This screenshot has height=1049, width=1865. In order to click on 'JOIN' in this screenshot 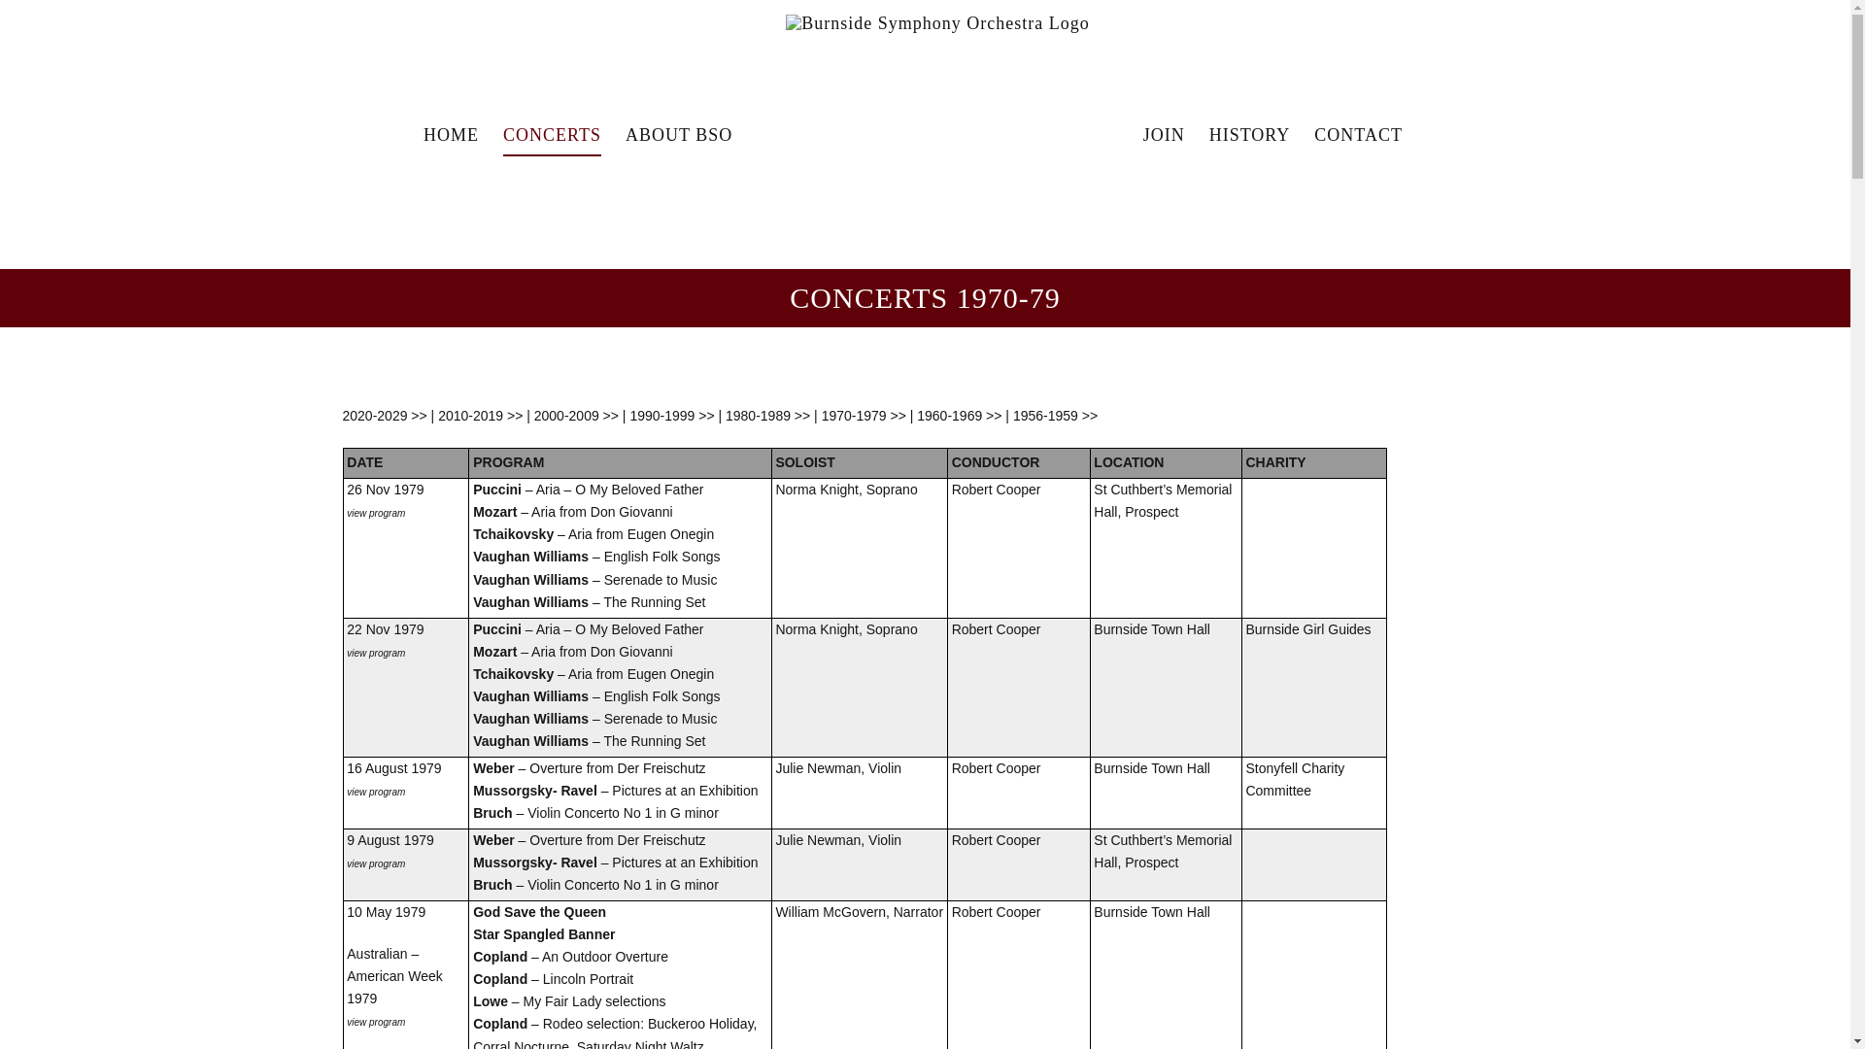, I will do `click(1142, 133)`.